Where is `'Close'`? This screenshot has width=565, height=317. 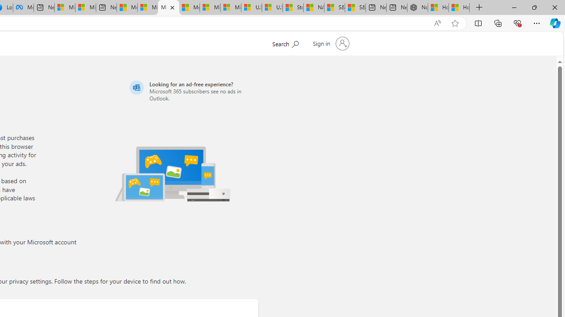
'Close' is located at coordinates (554, 7).